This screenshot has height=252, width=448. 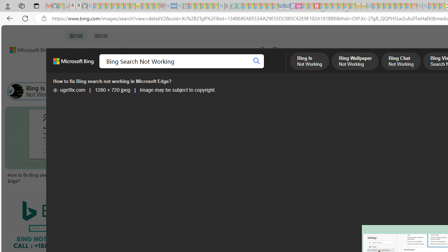 I want to click on 'Microsoft Bing, Back to Bing search', so click(x=73, y=64).